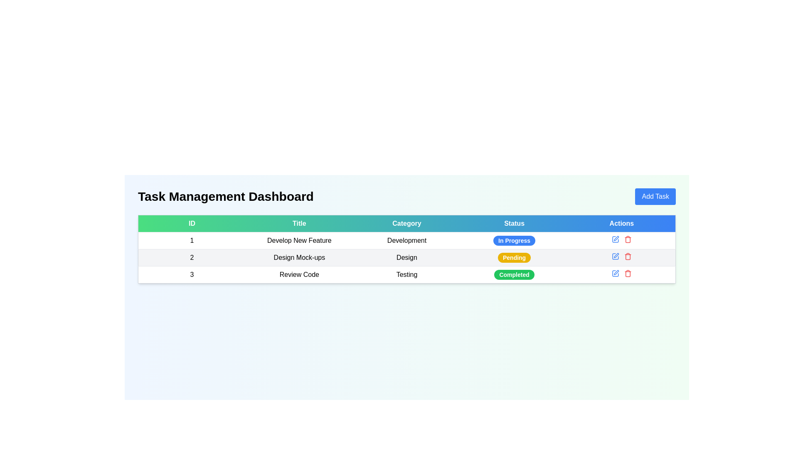 This screenshot has width=798, height=449. What do you see at coordinates (655, 197) in the screenshot?
I see `the 'Add Task' button, which is a rectangular button with a blue background and white text located in the top-right corner of the 'Task Management Dashboard'` at bounding box center [655, 197].